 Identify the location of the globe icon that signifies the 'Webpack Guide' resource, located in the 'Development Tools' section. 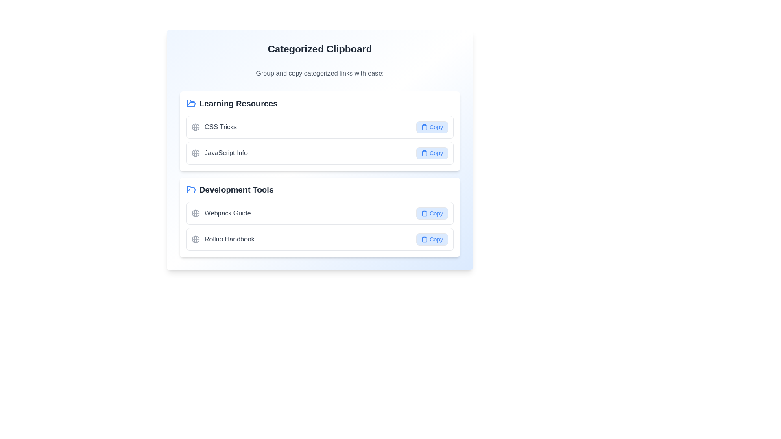
(195, 213).